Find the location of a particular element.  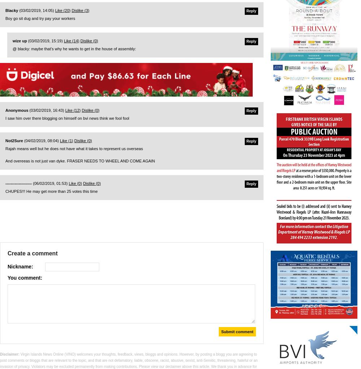

'(03/02/2019, 14:05)' is located at coordinates (36, 10).